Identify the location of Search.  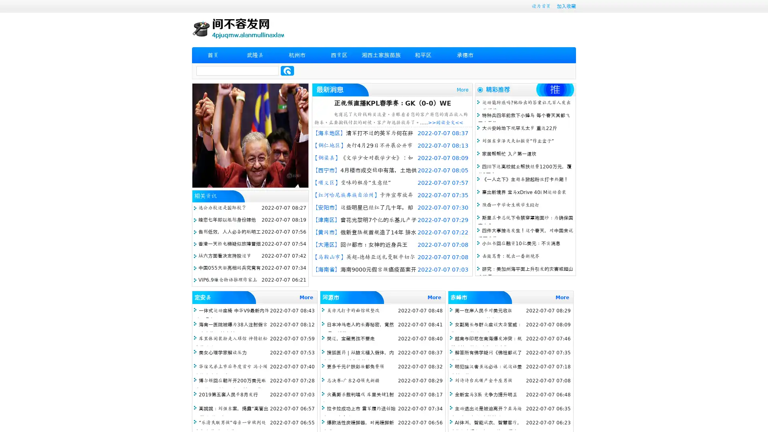
(287, 70).